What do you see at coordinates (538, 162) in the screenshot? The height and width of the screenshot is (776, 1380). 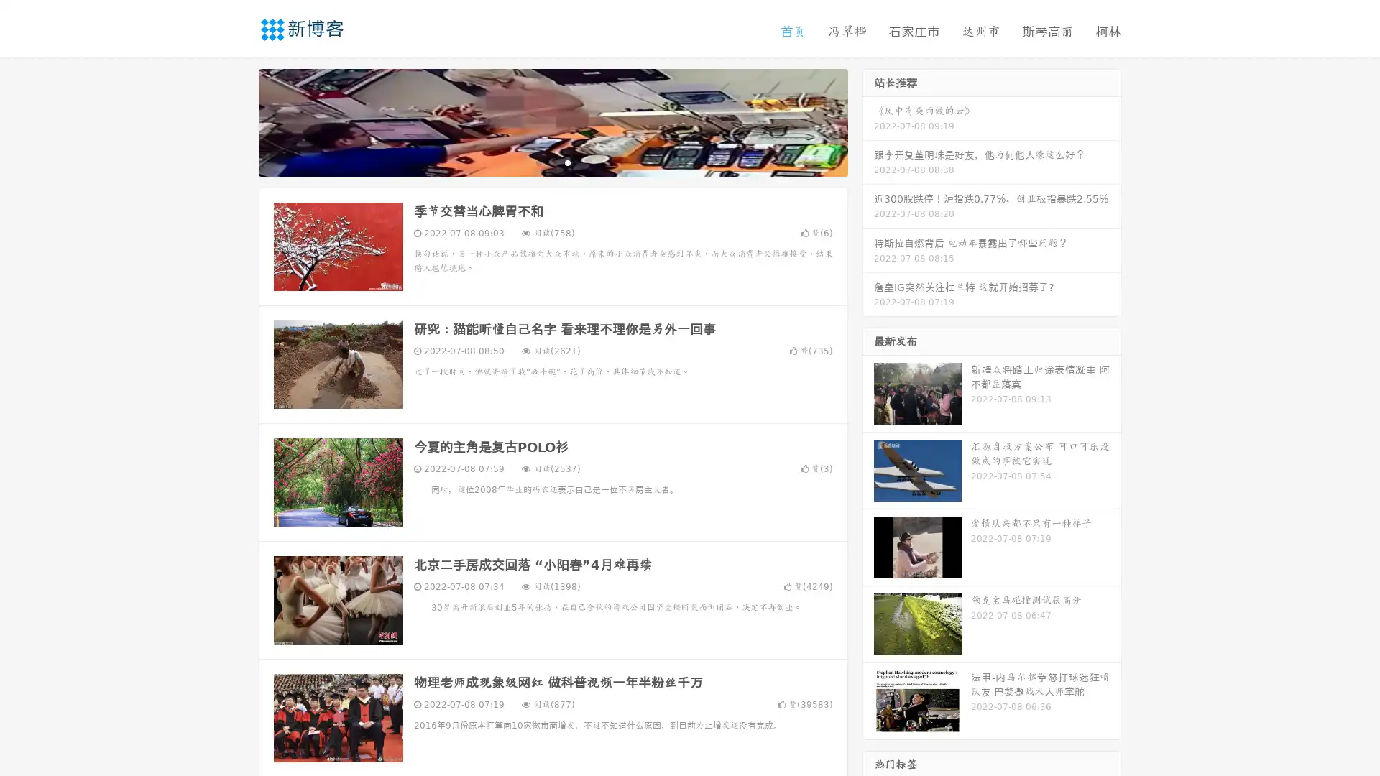 I see `Go to slide 1` at bounding box center [538, 162].